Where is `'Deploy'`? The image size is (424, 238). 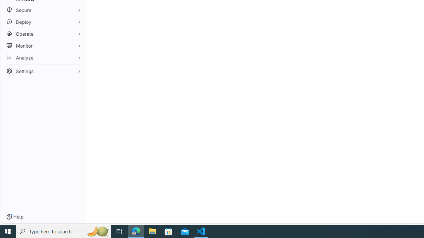
'Deploy' is located at coordinates (43, 21).